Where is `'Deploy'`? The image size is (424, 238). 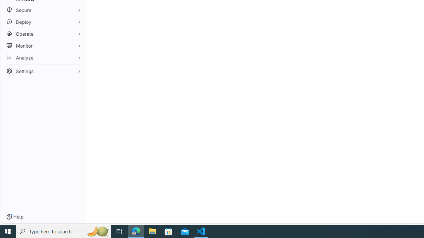
'Deploy' is located at coordinates (43, 21).